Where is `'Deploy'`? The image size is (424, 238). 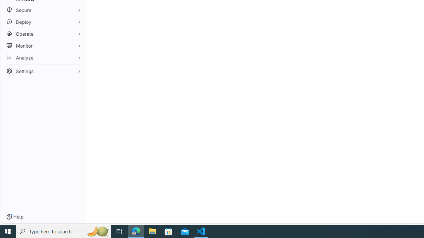
'Deploy' is located at coordinates (43, 21).